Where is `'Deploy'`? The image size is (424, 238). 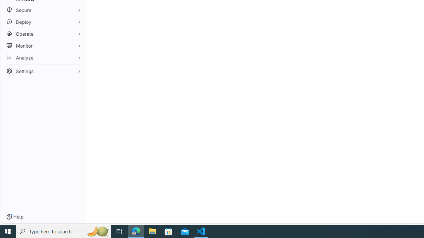
'Deploy' is located at coordinates (43, 21).